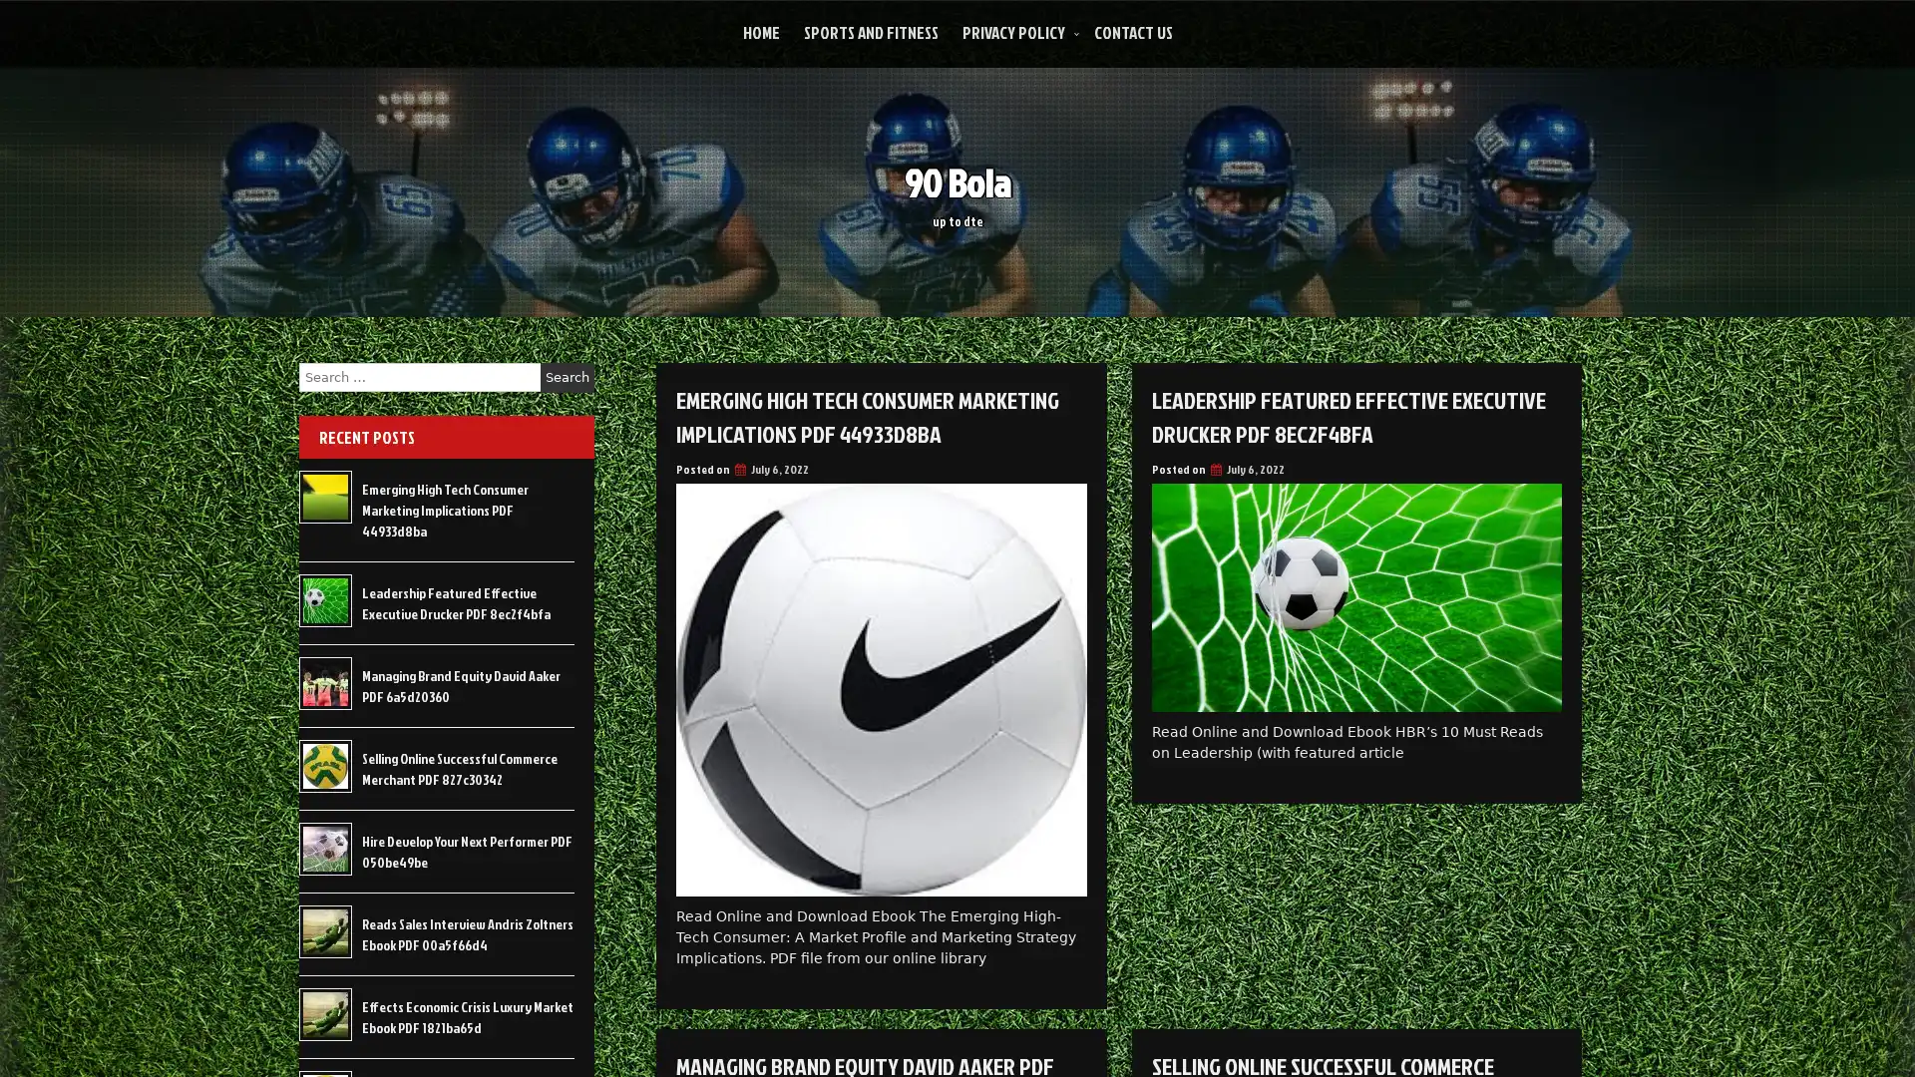 Image resolution: width=1915 pixels, height=1077 pixels. Describe the element at coordinates (567, 377) in the screenshot. I see `Search` at that location.